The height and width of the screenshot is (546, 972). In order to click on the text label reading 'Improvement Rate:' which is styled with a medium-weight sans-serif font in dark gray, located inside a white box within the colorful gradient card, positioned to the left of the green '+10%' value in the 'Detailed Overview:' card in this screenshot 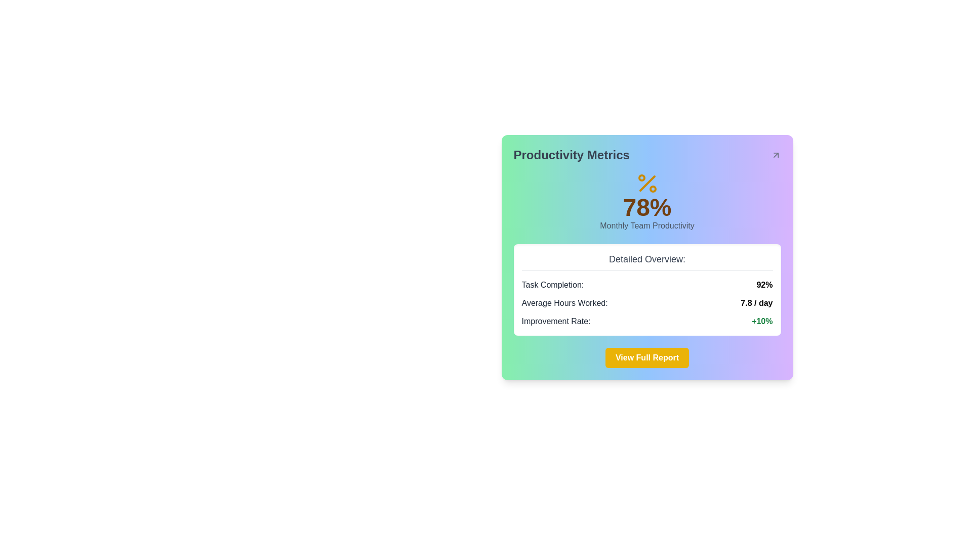, I will do `click(555, 322)`.